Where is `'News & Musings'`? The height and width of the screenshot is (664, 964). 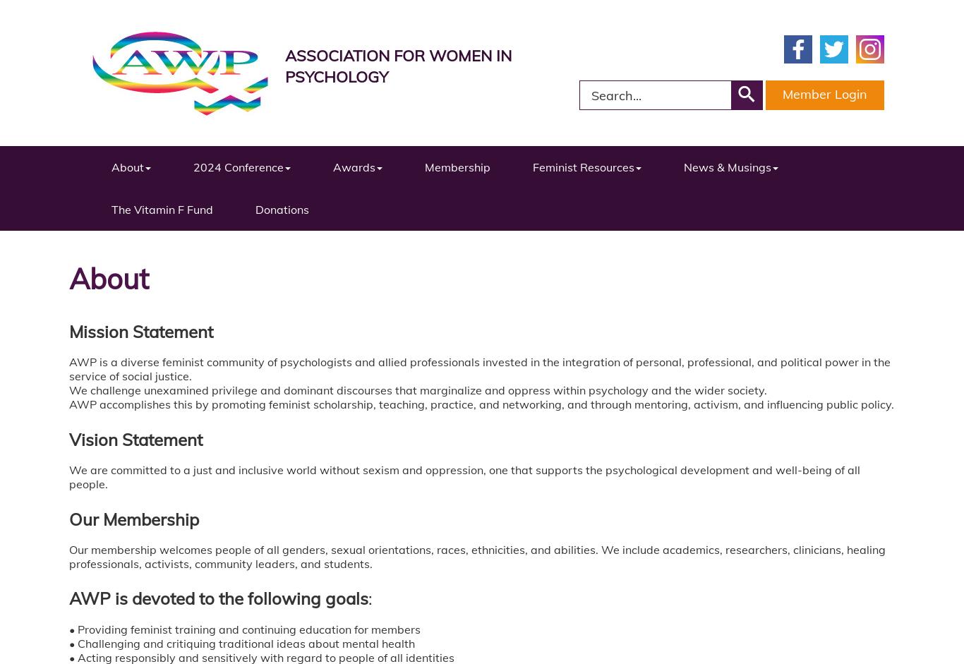
'News & Musings' is located at coordinates (727, 167).